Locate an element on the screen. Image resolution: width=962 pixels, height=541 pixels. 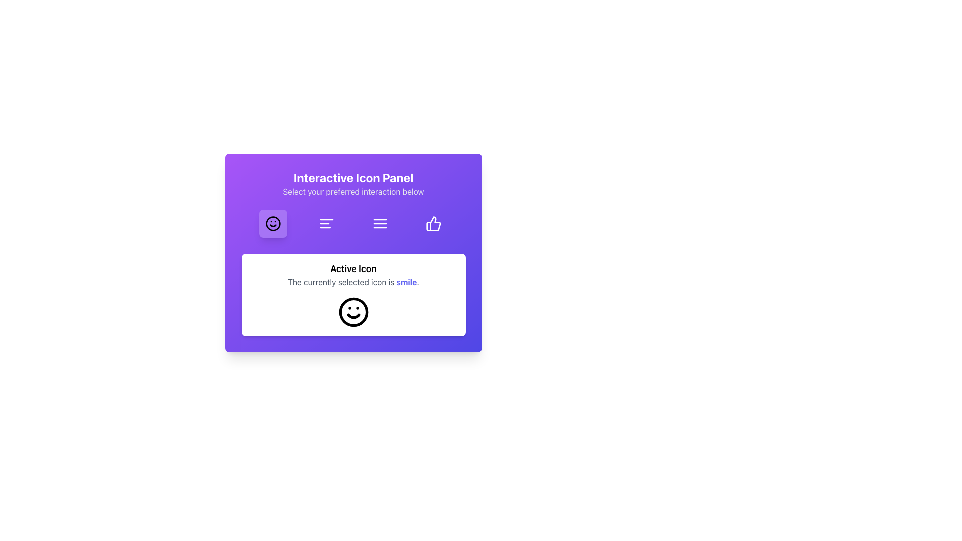
the button with a white icon of three horizontal lines on a rounded purple background, the third button in the Interactive Icon Panel is located at coordinates (379, 223).